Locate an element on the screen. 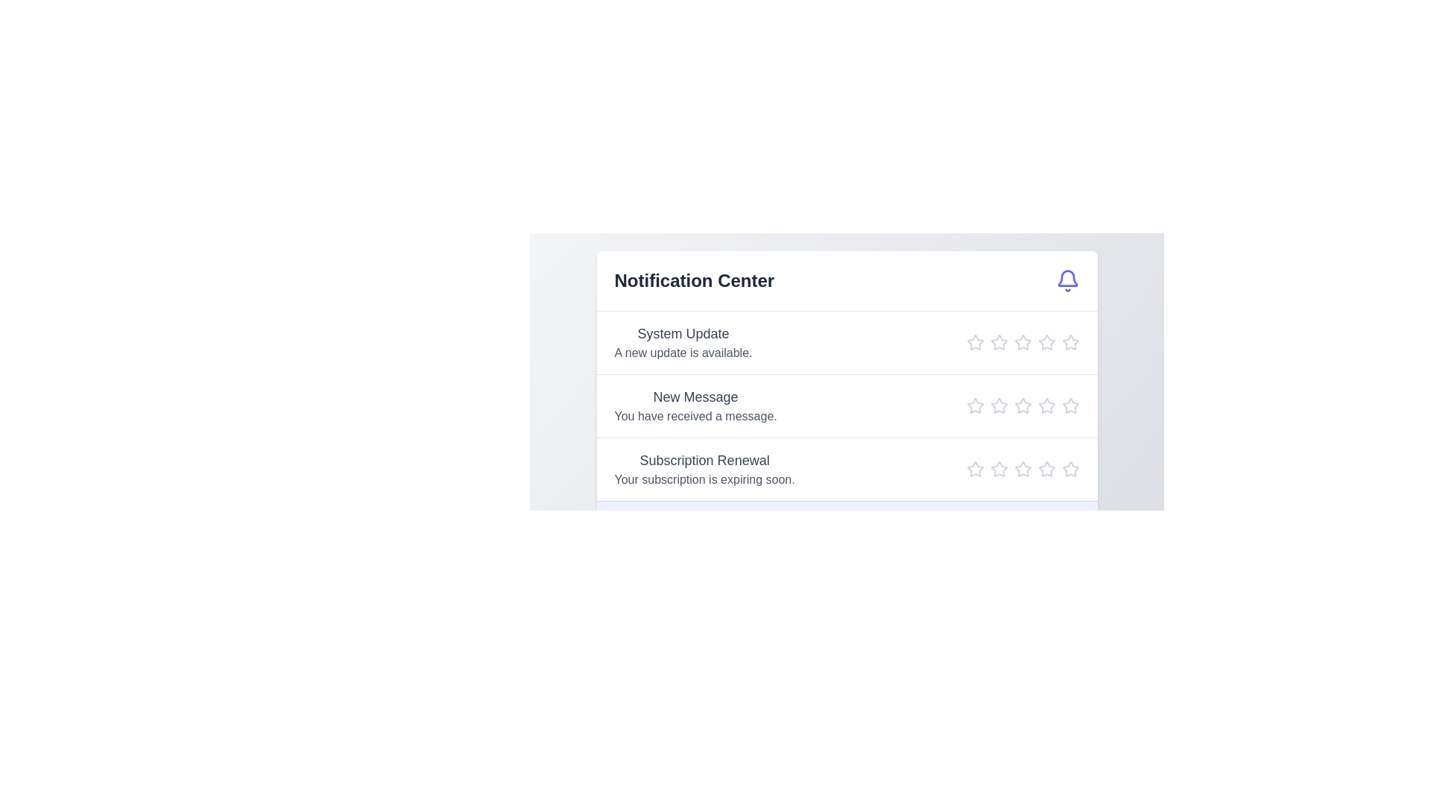  the star icon to set the rating to 5 for the notification titled 'New Message' is located at coordinates (1070, 405).